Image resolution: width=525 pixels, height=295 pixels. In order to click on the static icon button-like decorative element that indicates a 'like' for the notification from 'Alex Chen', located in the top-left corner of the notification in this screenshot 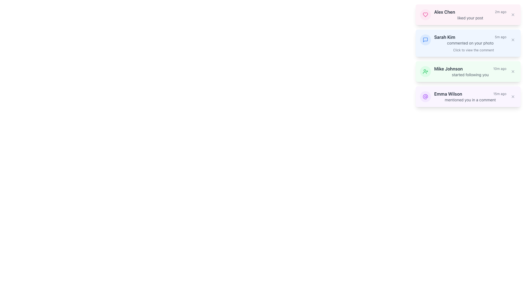, I will do `click(425, 14)`.